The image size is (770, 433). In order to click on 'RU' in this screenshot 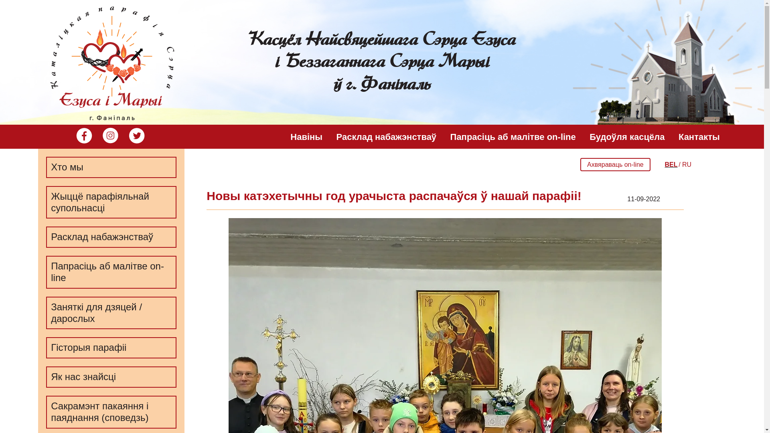, I will do `click(681, 164)`.